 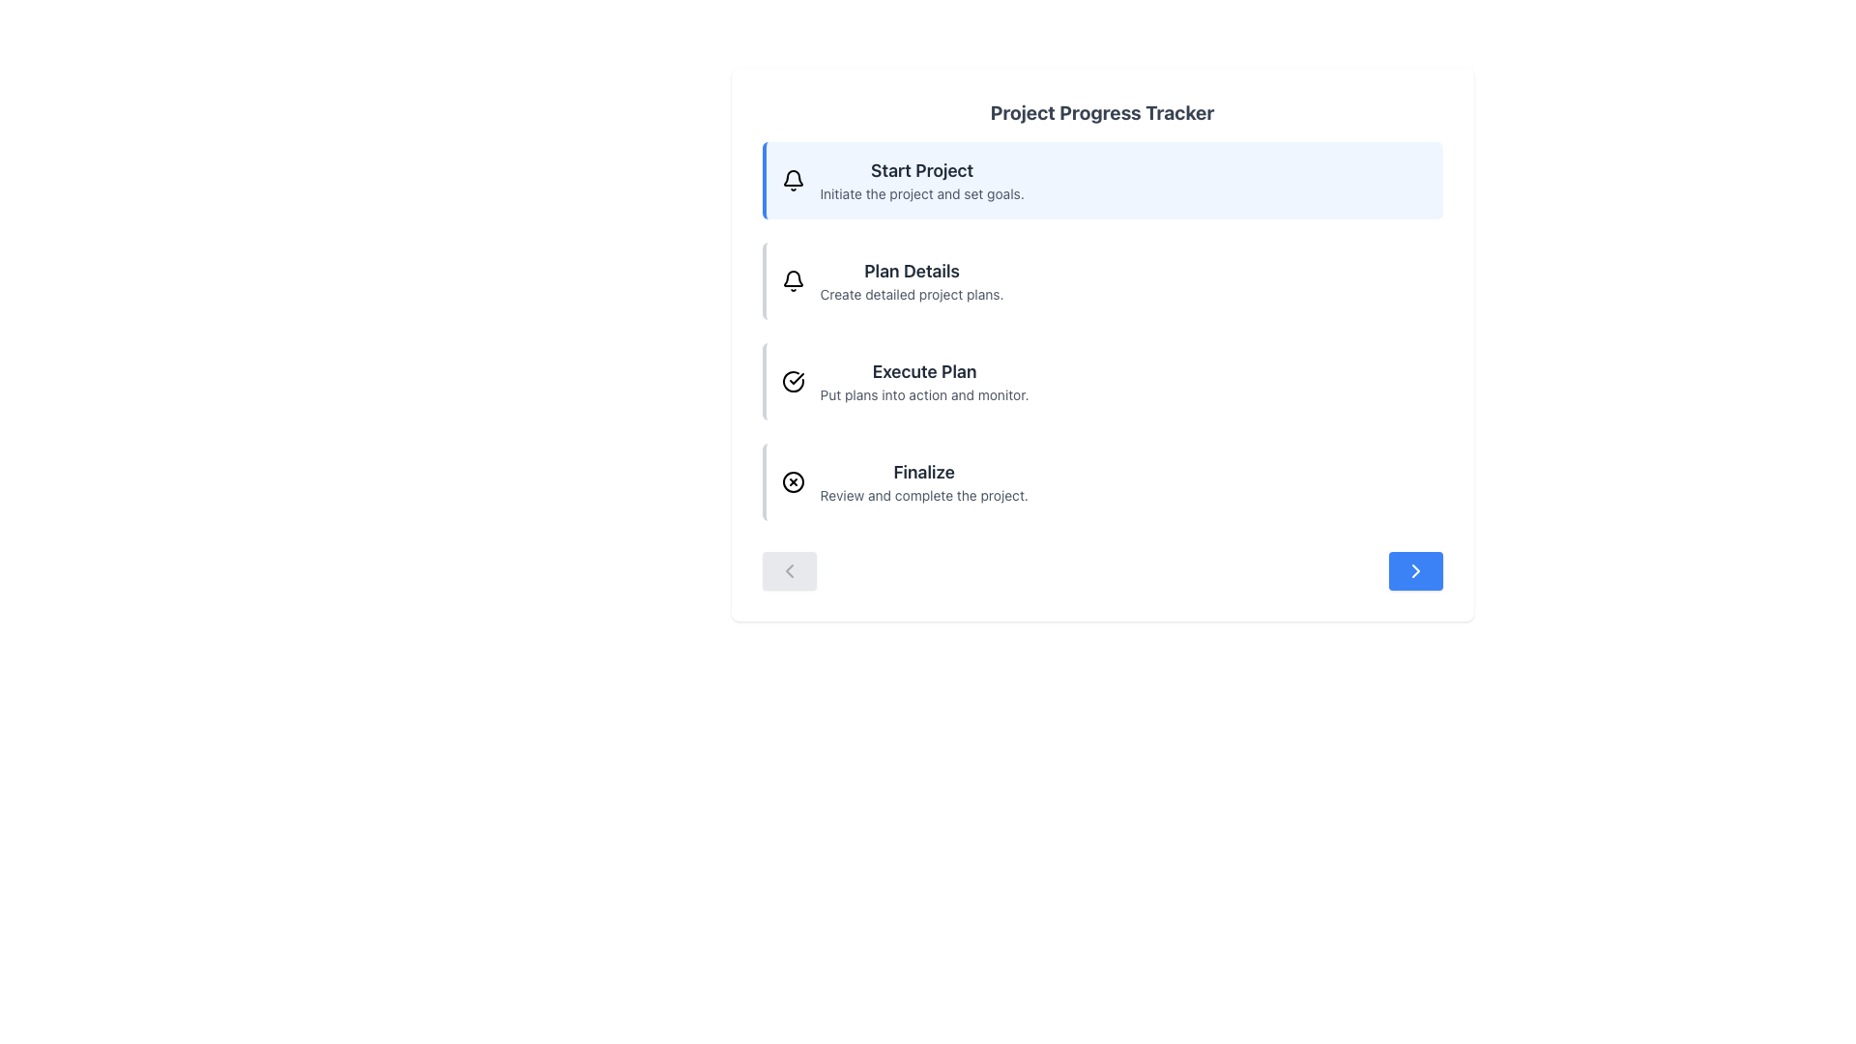 What do you see at coordinates (1102, 112) in the screenshot?
I see `the bold header text styled in dark gray located at the top of the white card interface` at bounding box center [1102, 112].